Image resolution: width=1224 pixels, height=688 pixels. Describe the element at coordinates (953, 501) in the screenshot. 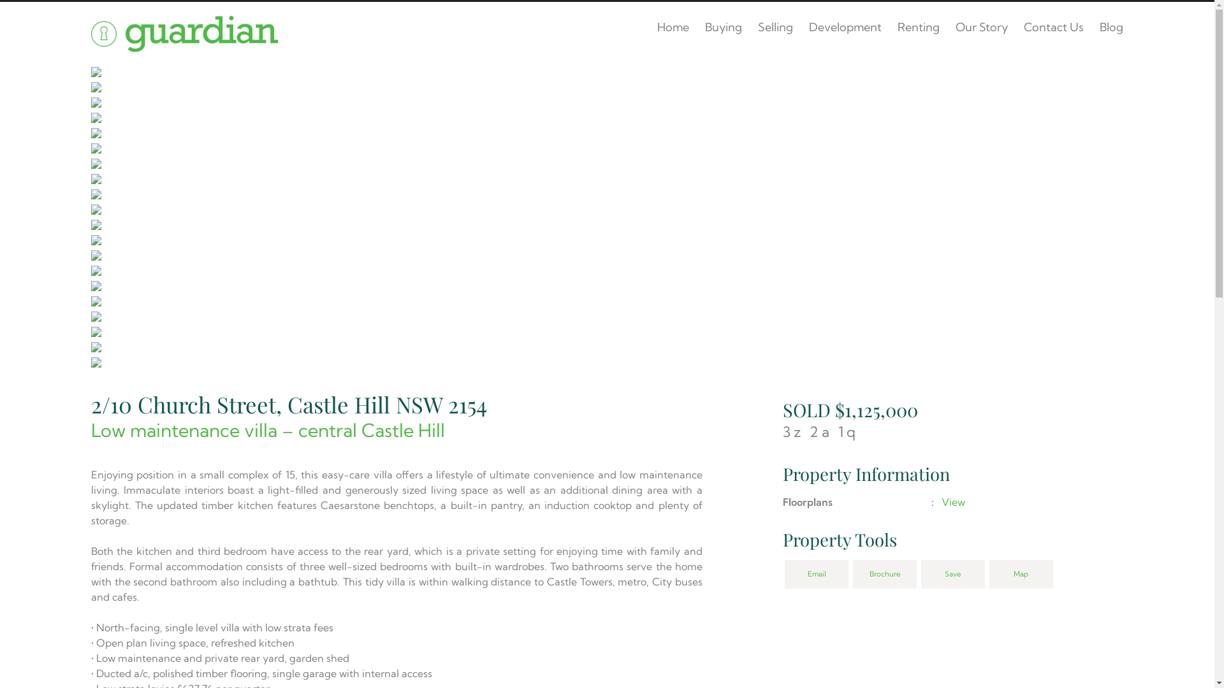

I see `'View'` at that location.